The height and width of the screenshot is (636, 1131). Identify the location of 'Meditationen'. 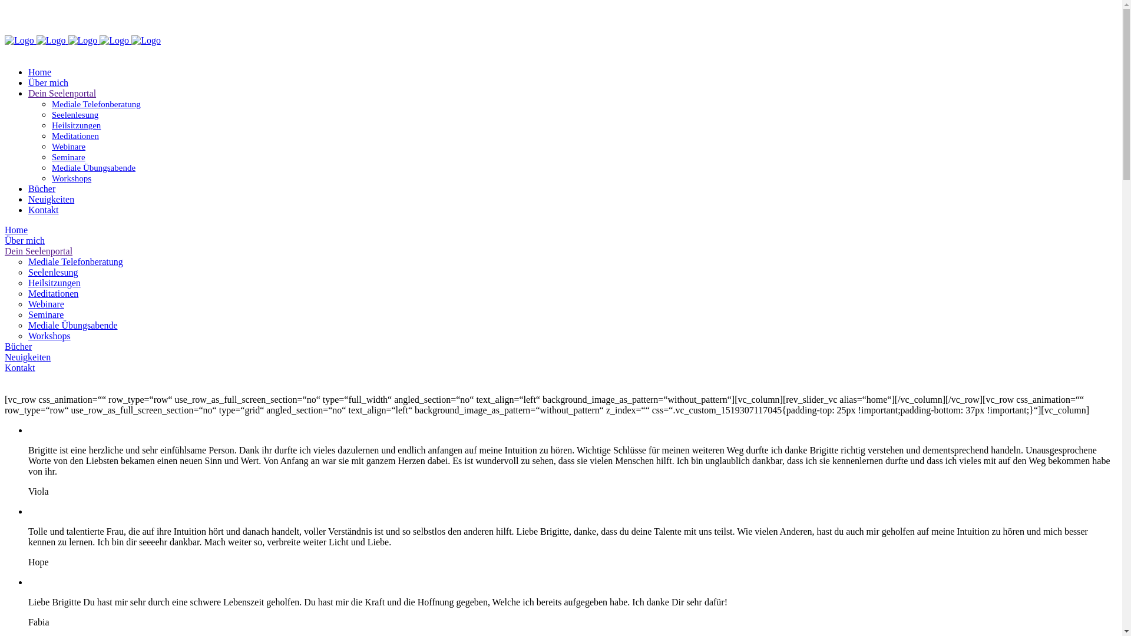
(28, 293).